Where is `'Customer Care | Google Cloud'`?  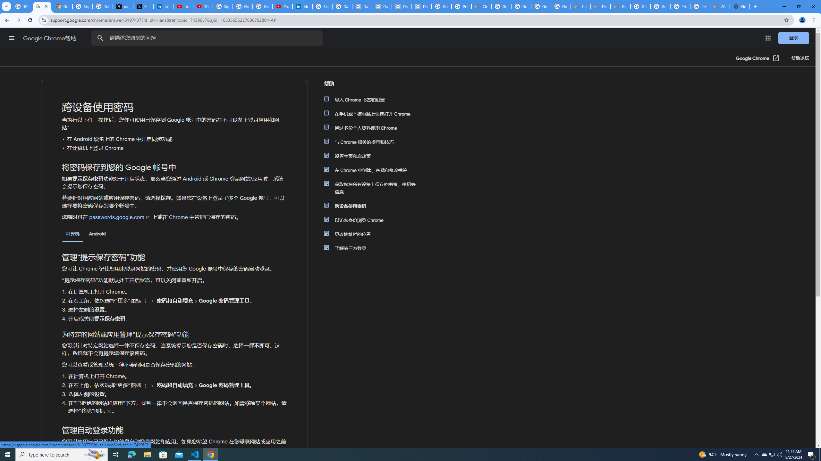 'Customer Care | Google Cloud' is located at coordinates (580, 6).